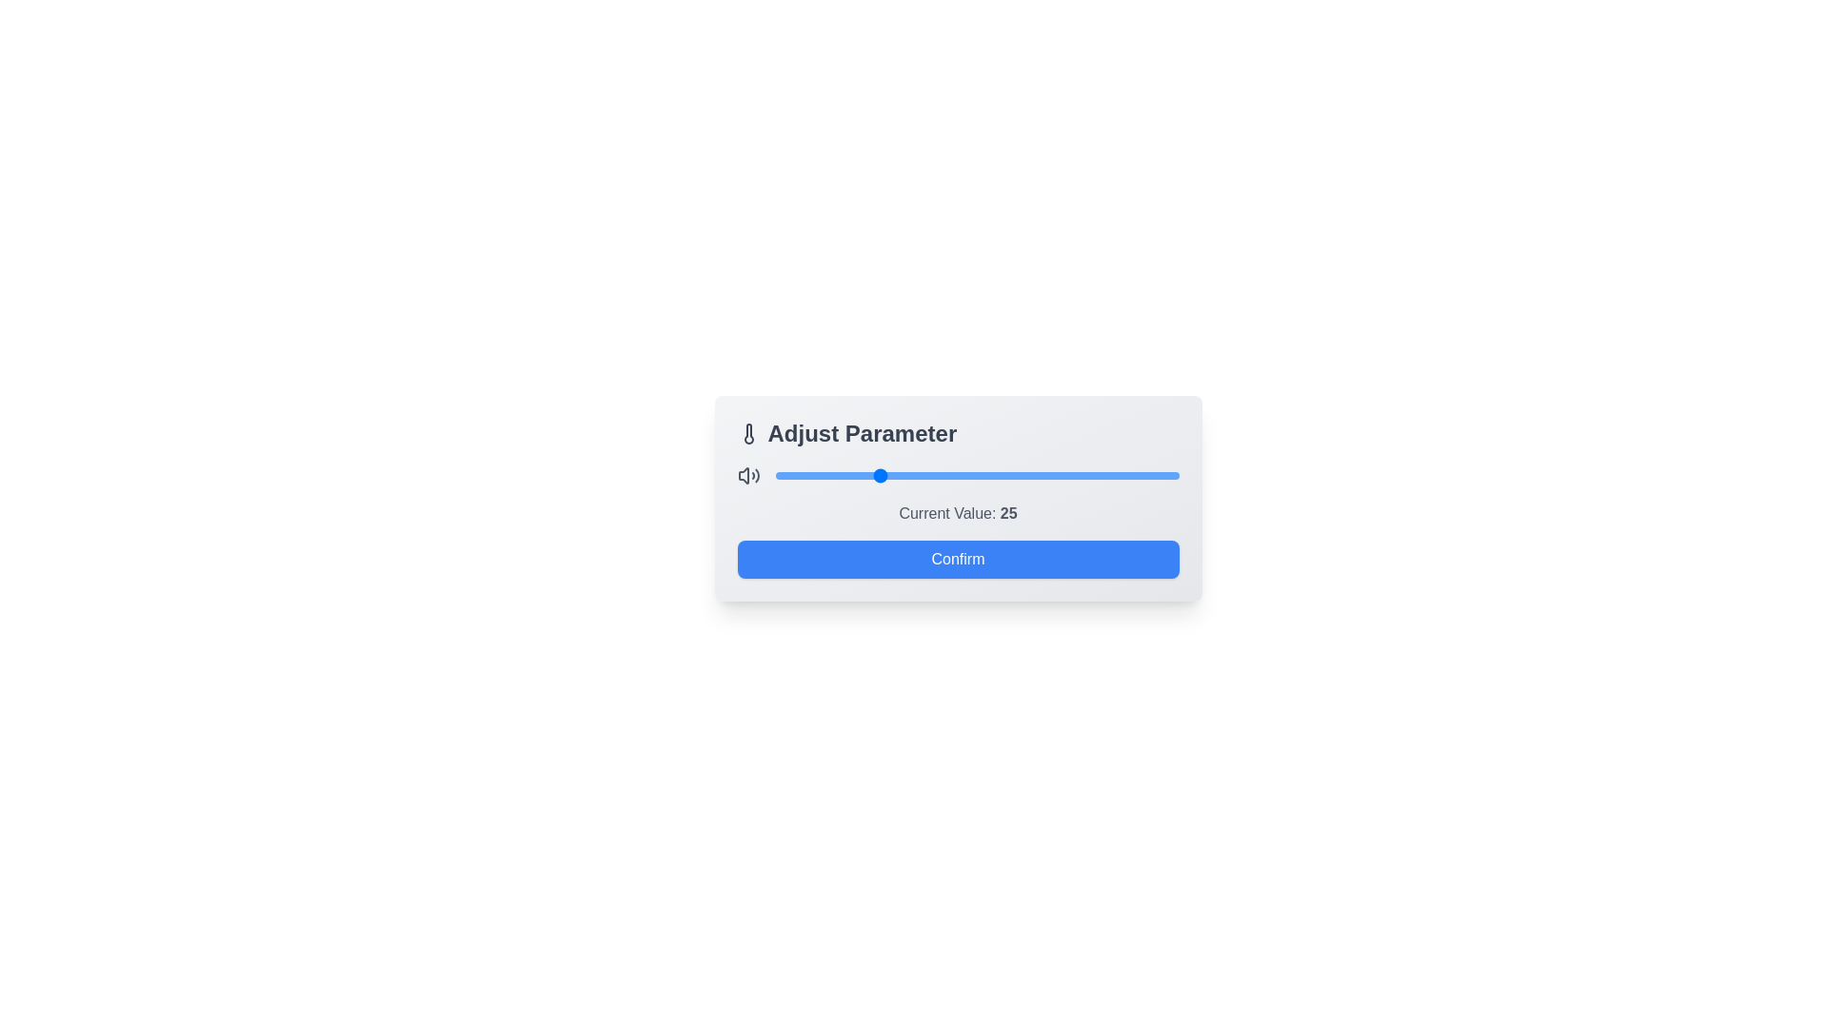  Describe the element at coordinates (747, 433) in the screenshot. I see `the thermometer icon, which is a decorative outline graphic with a circular base and a vertical rectangular bar, located to the left of the header text 'Adjust Parameter'` at that location.